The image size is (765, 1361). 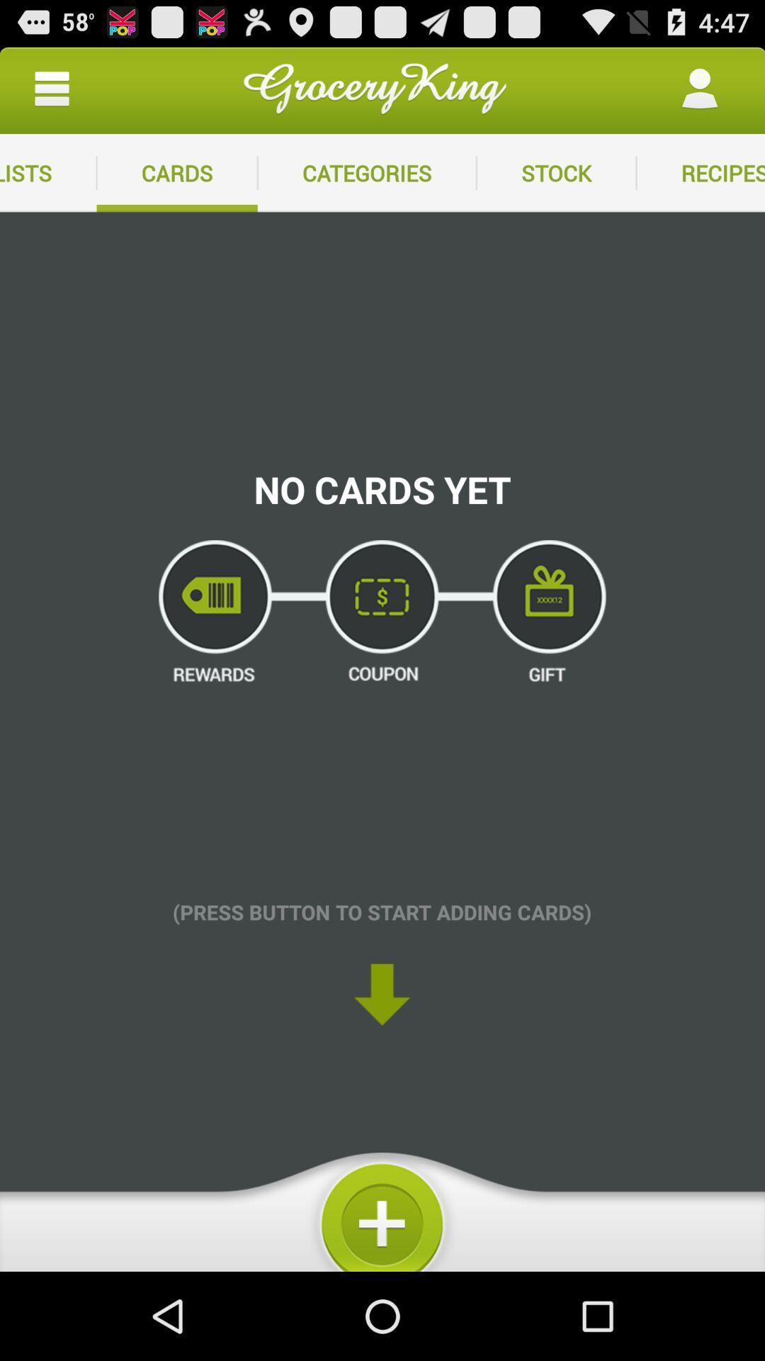 I want to click on the item above the no cards yet icon, so click(x=555, y=172).